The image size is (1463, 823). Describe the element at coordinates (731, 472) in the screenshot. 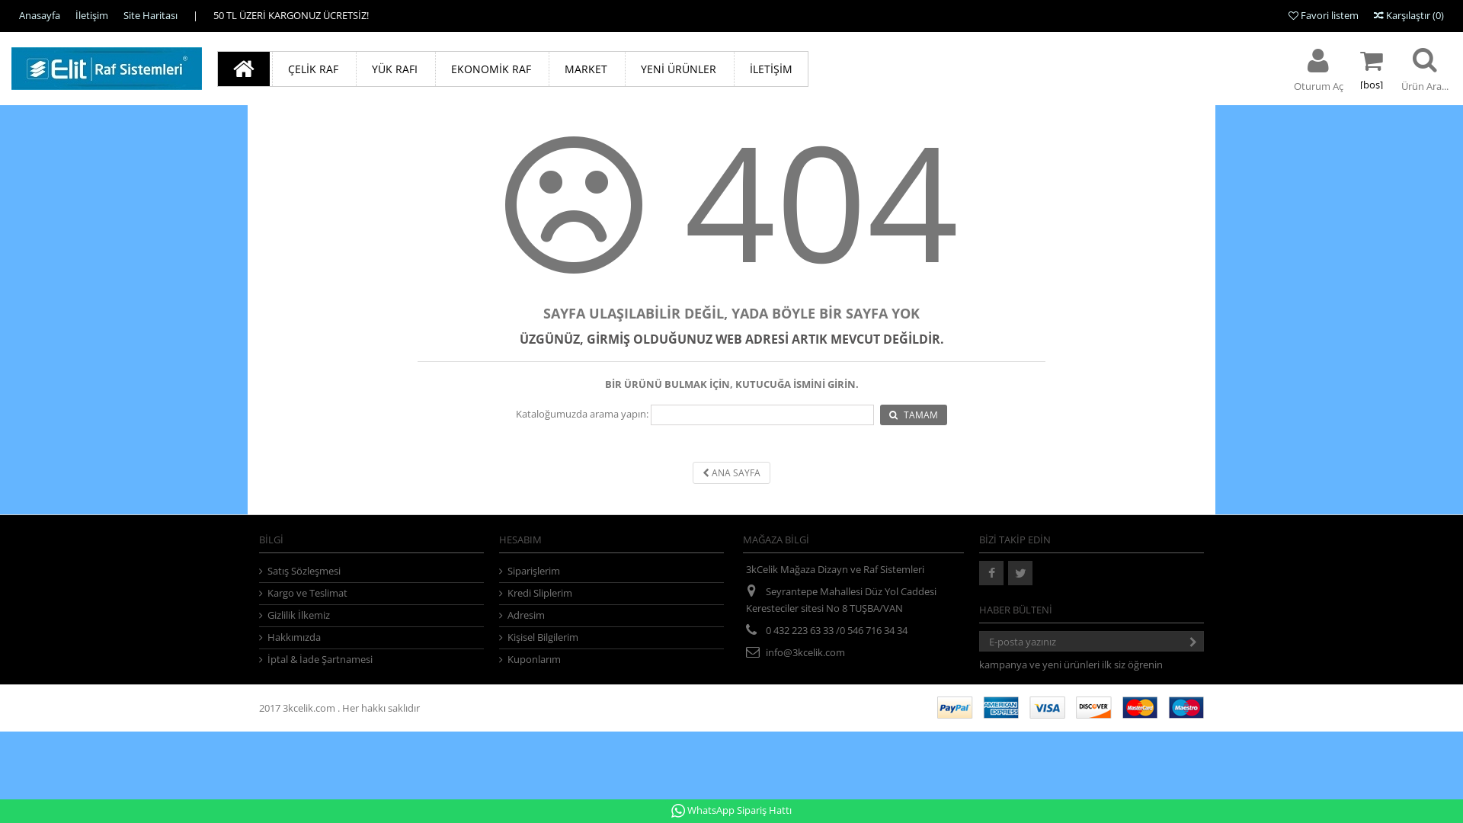

I see `'ANA SAYFA'` at that location.